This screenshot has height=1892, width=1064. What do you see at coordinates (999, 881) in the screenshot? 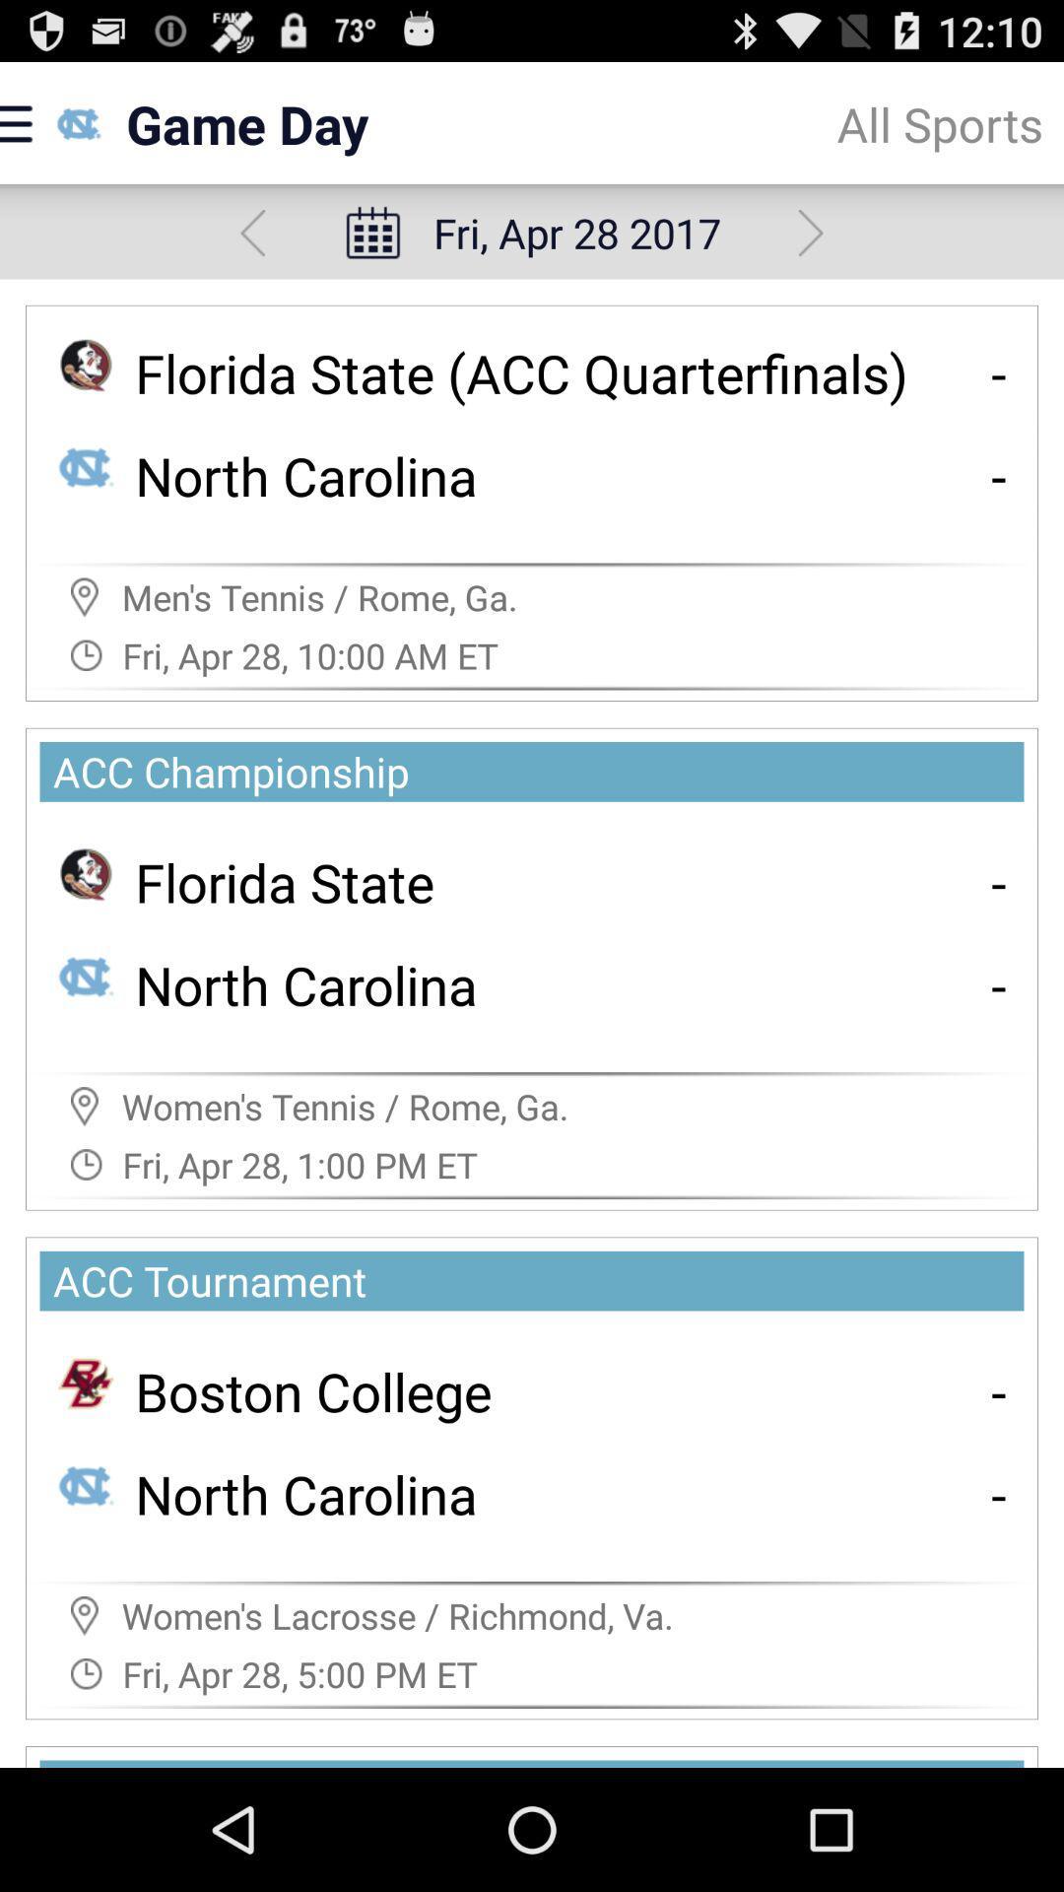
I see `the -` at bounding box center [999, 881].